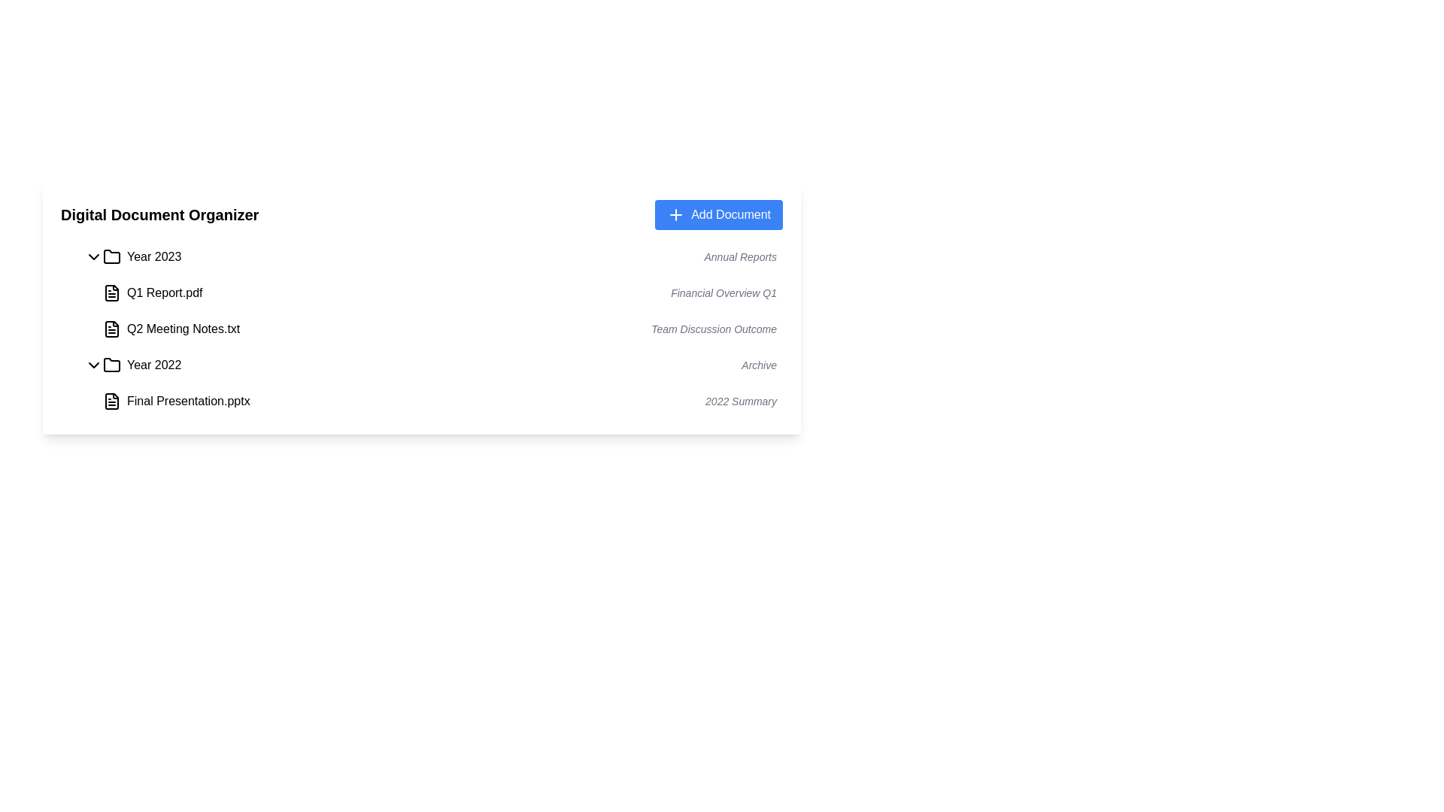 The height and width of the screenshot is (812, 1444). I want to click on the document icon representing 'Q1 Report.pdf', which is a minimalist black rectangular shape located to the left of the text label, so click(111, 292).